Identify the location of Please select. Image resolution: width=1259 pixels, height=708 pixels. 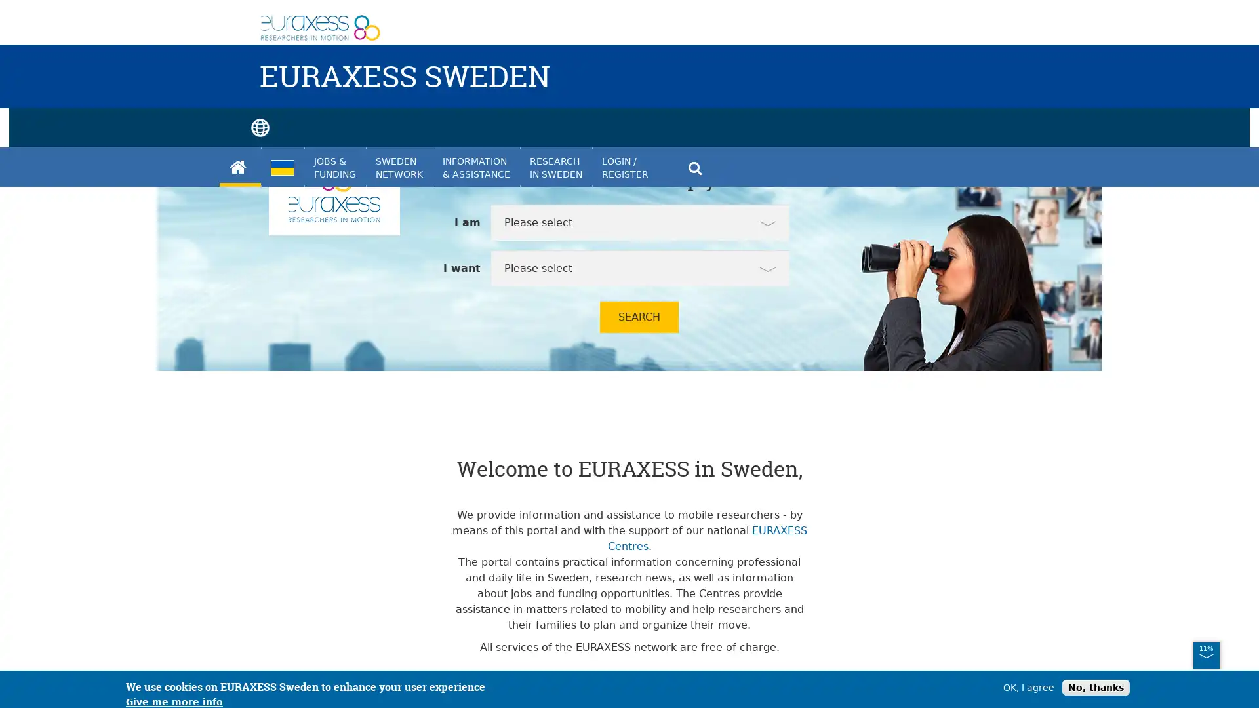
(639, 267).